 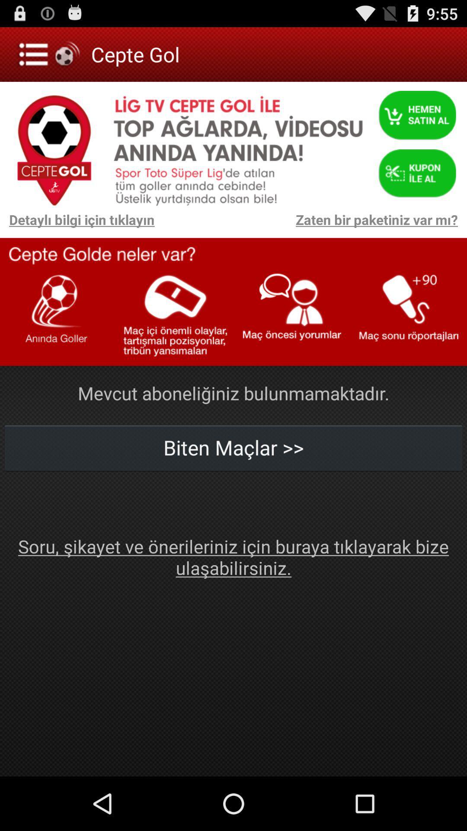 I want to click on the green button with a text kupon ile al on a right corner of page, so click(x=416, y=169).